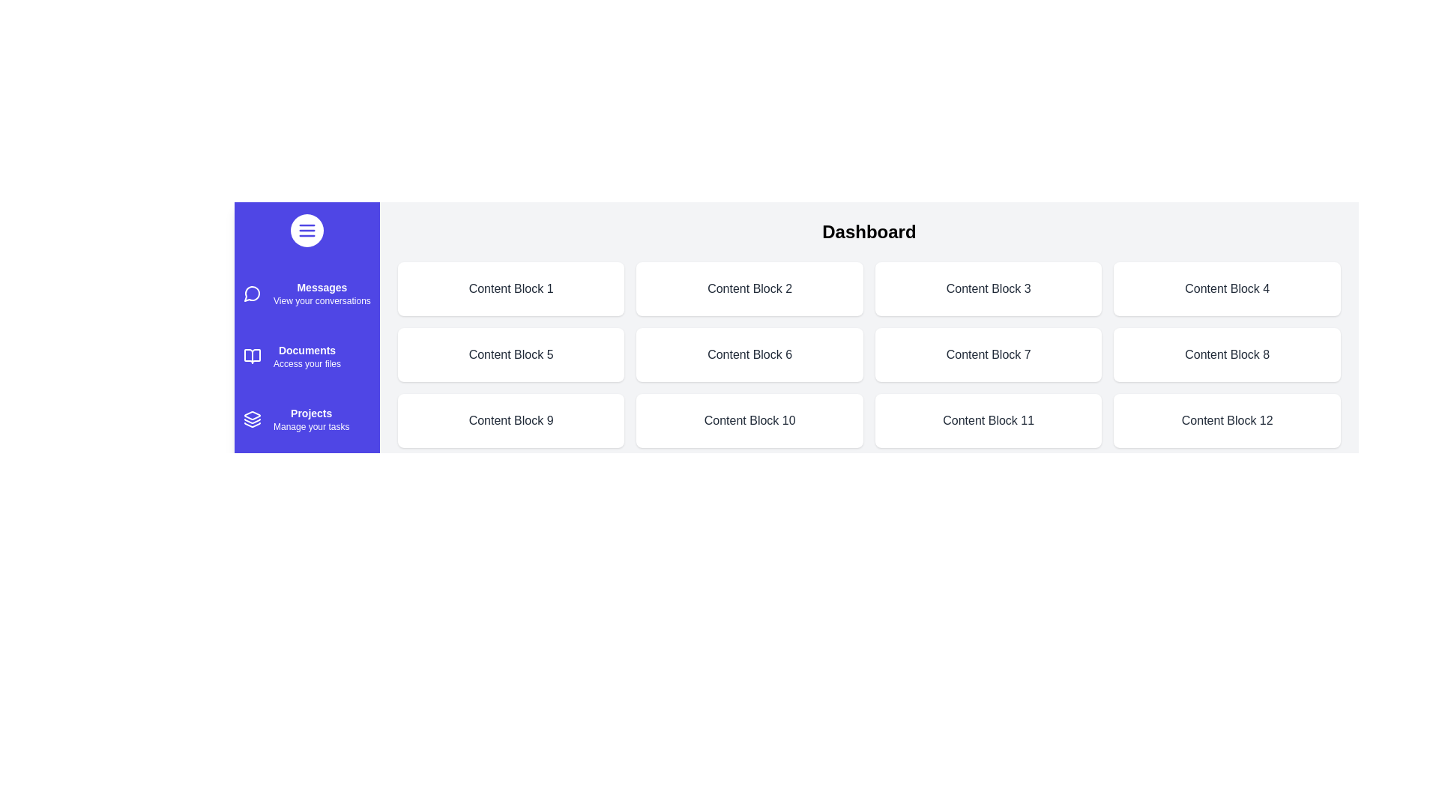  Describe the element at coordinates (252, 294) in the screenshot. I see `the menu item Messages to reveal its additional information` at that location.